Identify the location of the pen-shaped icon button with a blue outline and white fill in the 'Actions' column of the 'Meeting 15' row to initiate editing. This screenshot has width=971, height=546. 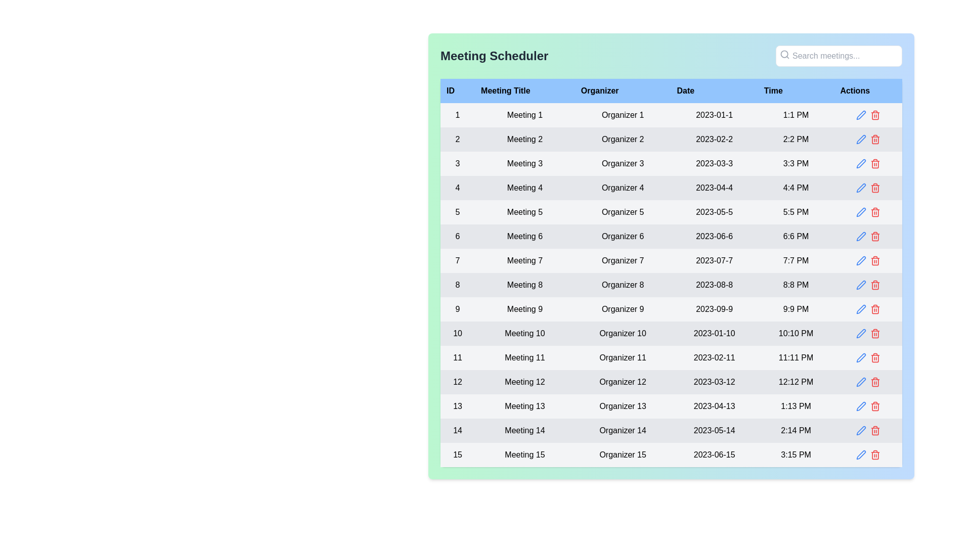
(860, 454).